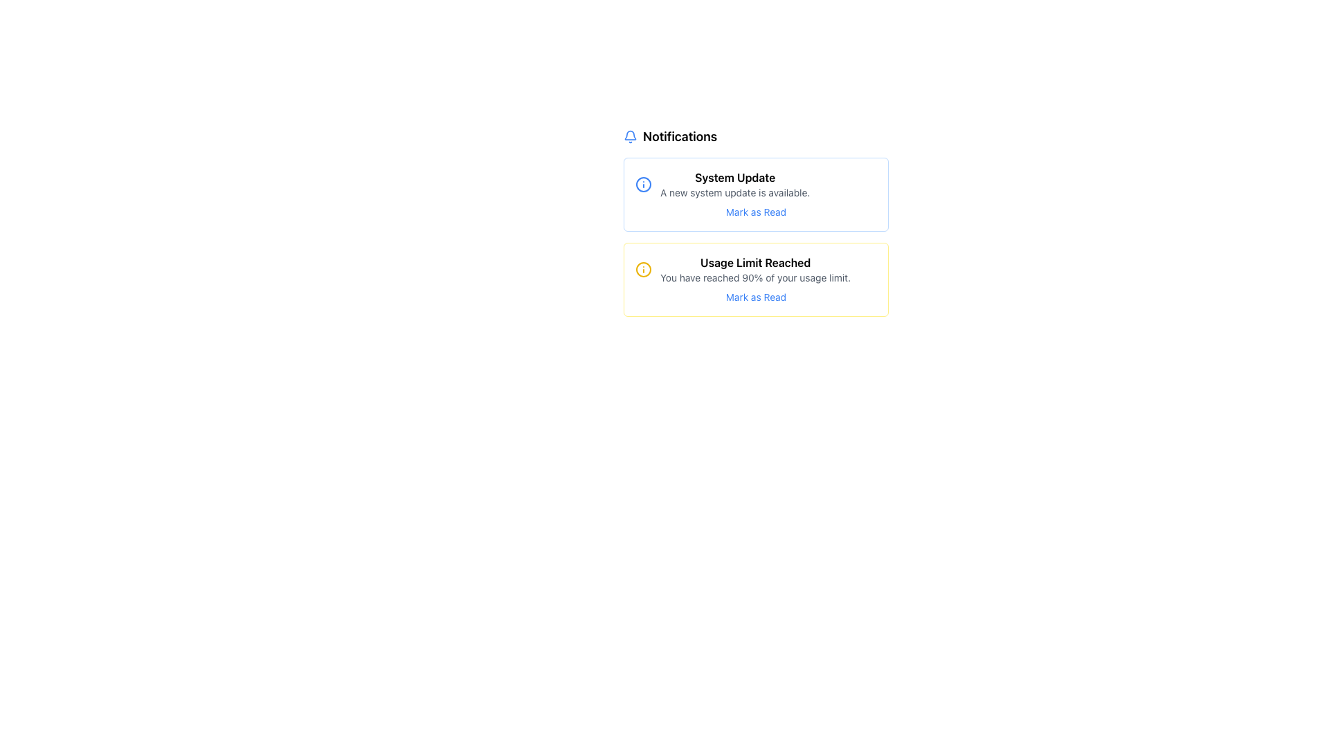 Image resolution: width=1329 pixels, height=747 pixels. I want to click on the hyperlink or interactive text located at the bottom of the notification card below the text 'You have reached 90% of your usage limit.', so click(755, 296).